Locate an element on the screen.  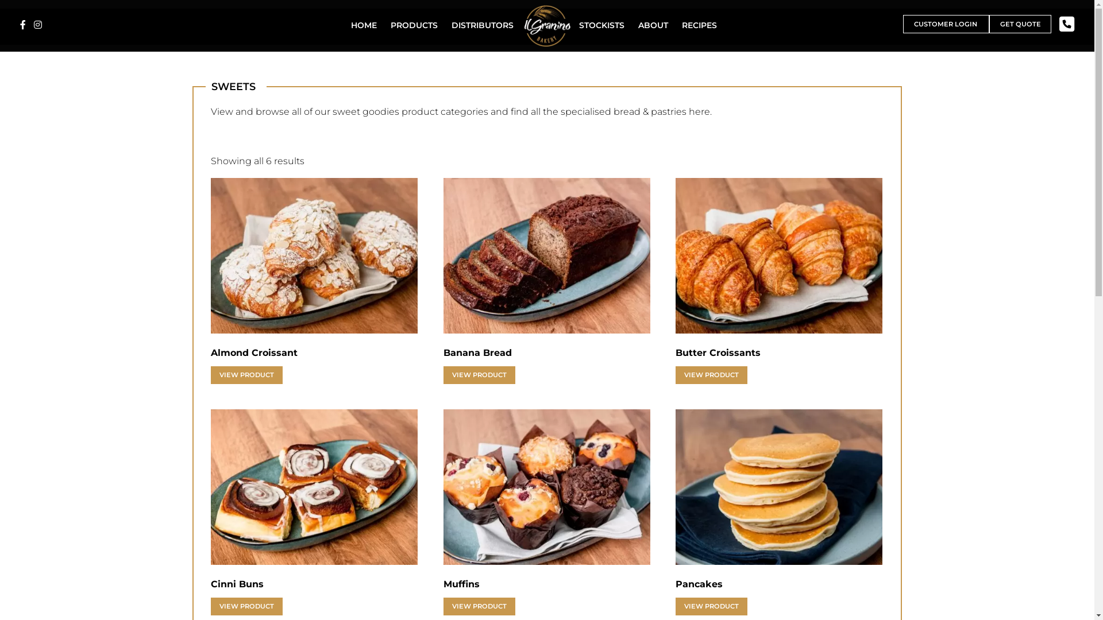
'STOCKISTS' is located at coordinates (576, 25).